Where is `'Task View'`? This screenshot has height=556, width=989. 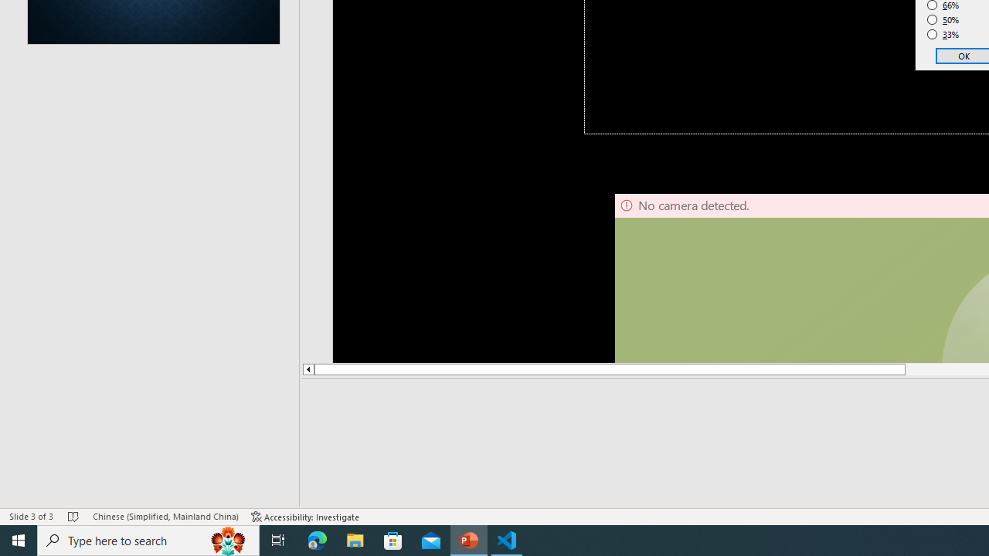 'Task View' is located at coordinates (277, 539).